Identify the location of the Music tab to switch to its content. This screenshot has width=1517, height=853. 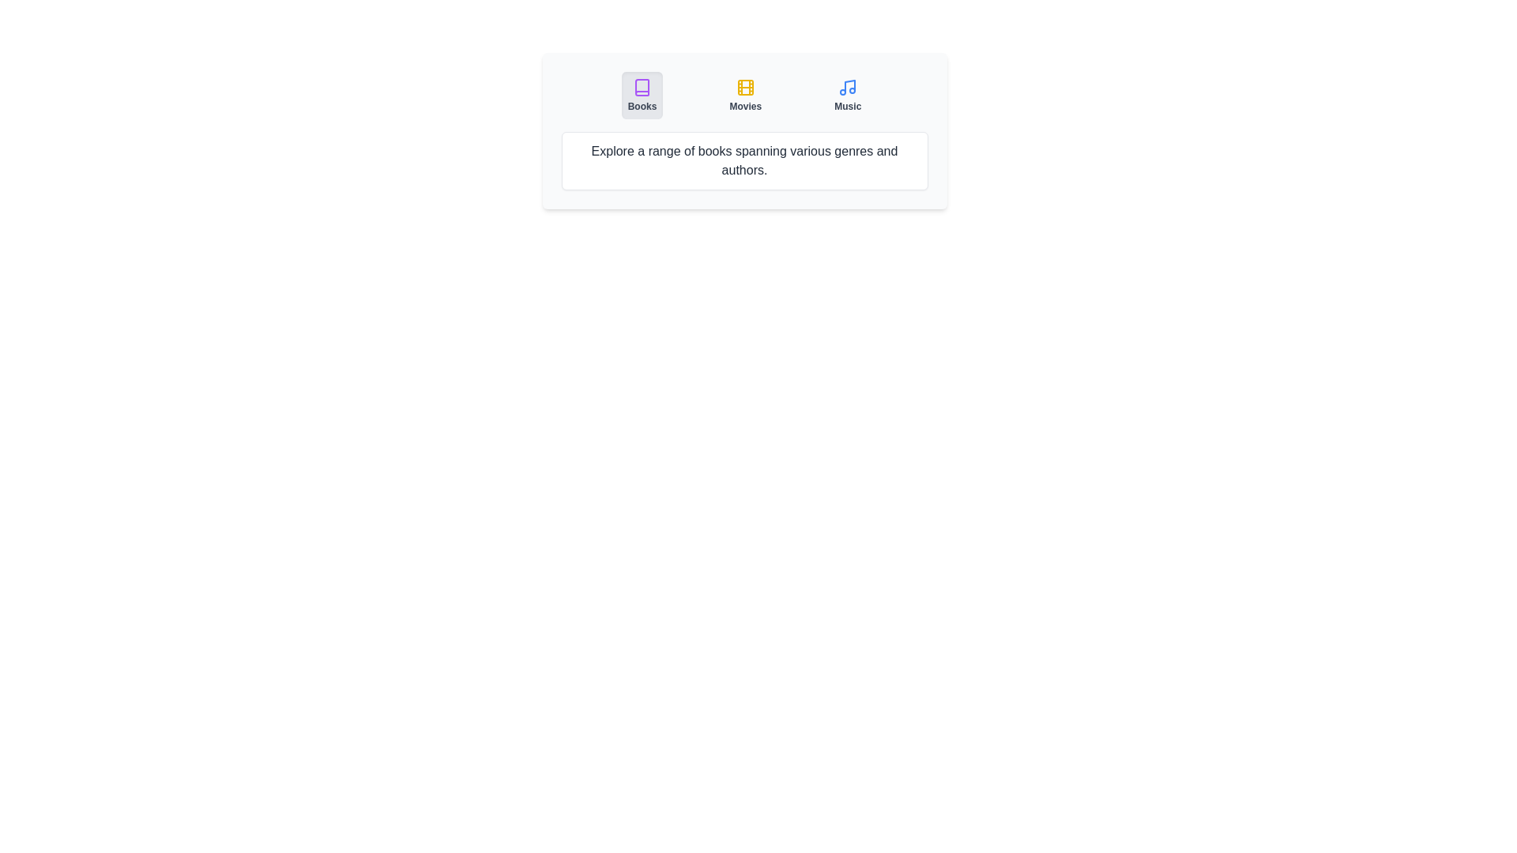
(847, 95).